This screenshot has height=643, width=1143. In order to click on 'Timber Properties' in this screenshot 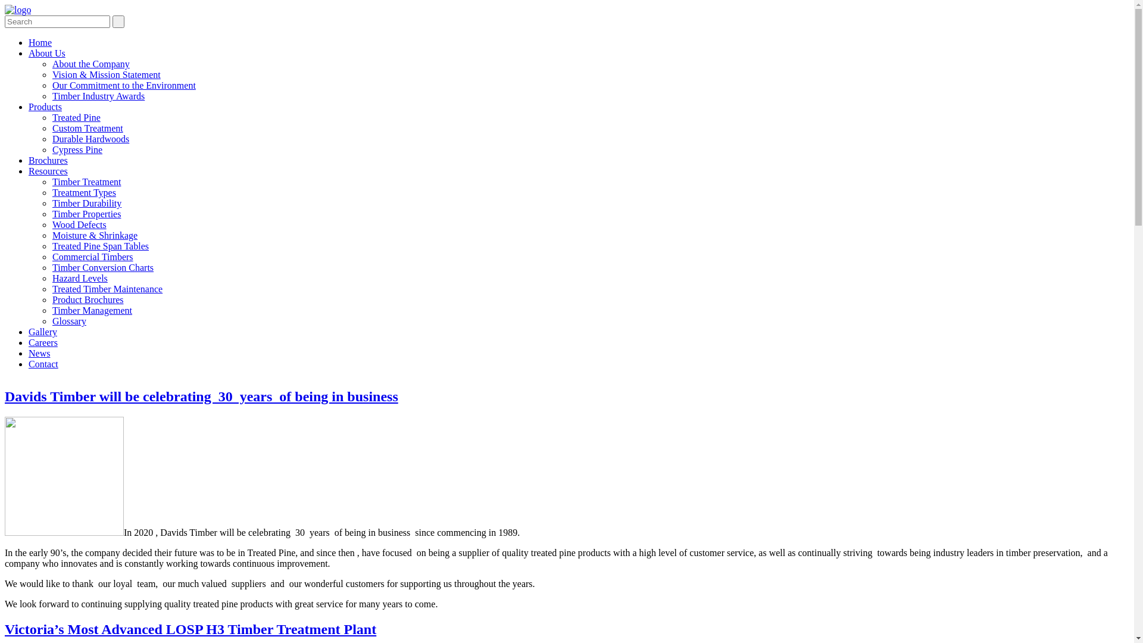, I will do `click(86, 213)`.